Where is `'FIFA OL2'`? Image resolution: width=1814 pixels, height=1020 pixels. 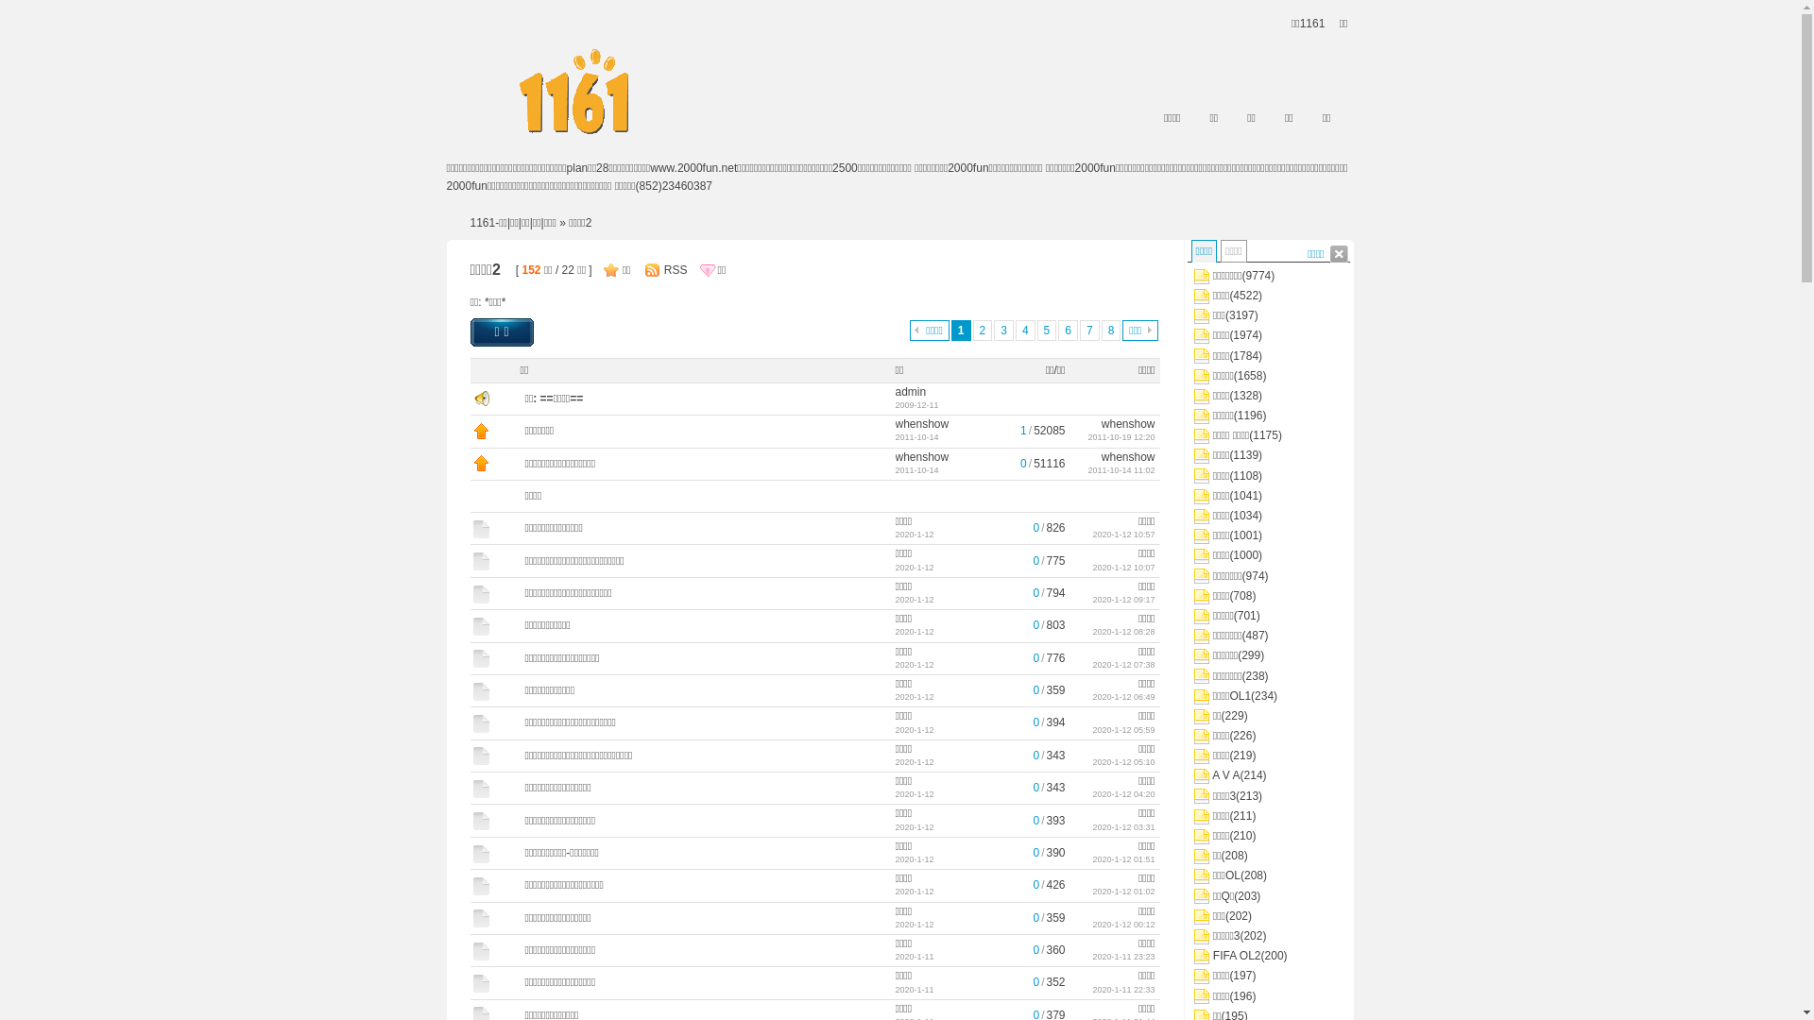
'FIFA OL2' is located at coordinates (1237, 955).